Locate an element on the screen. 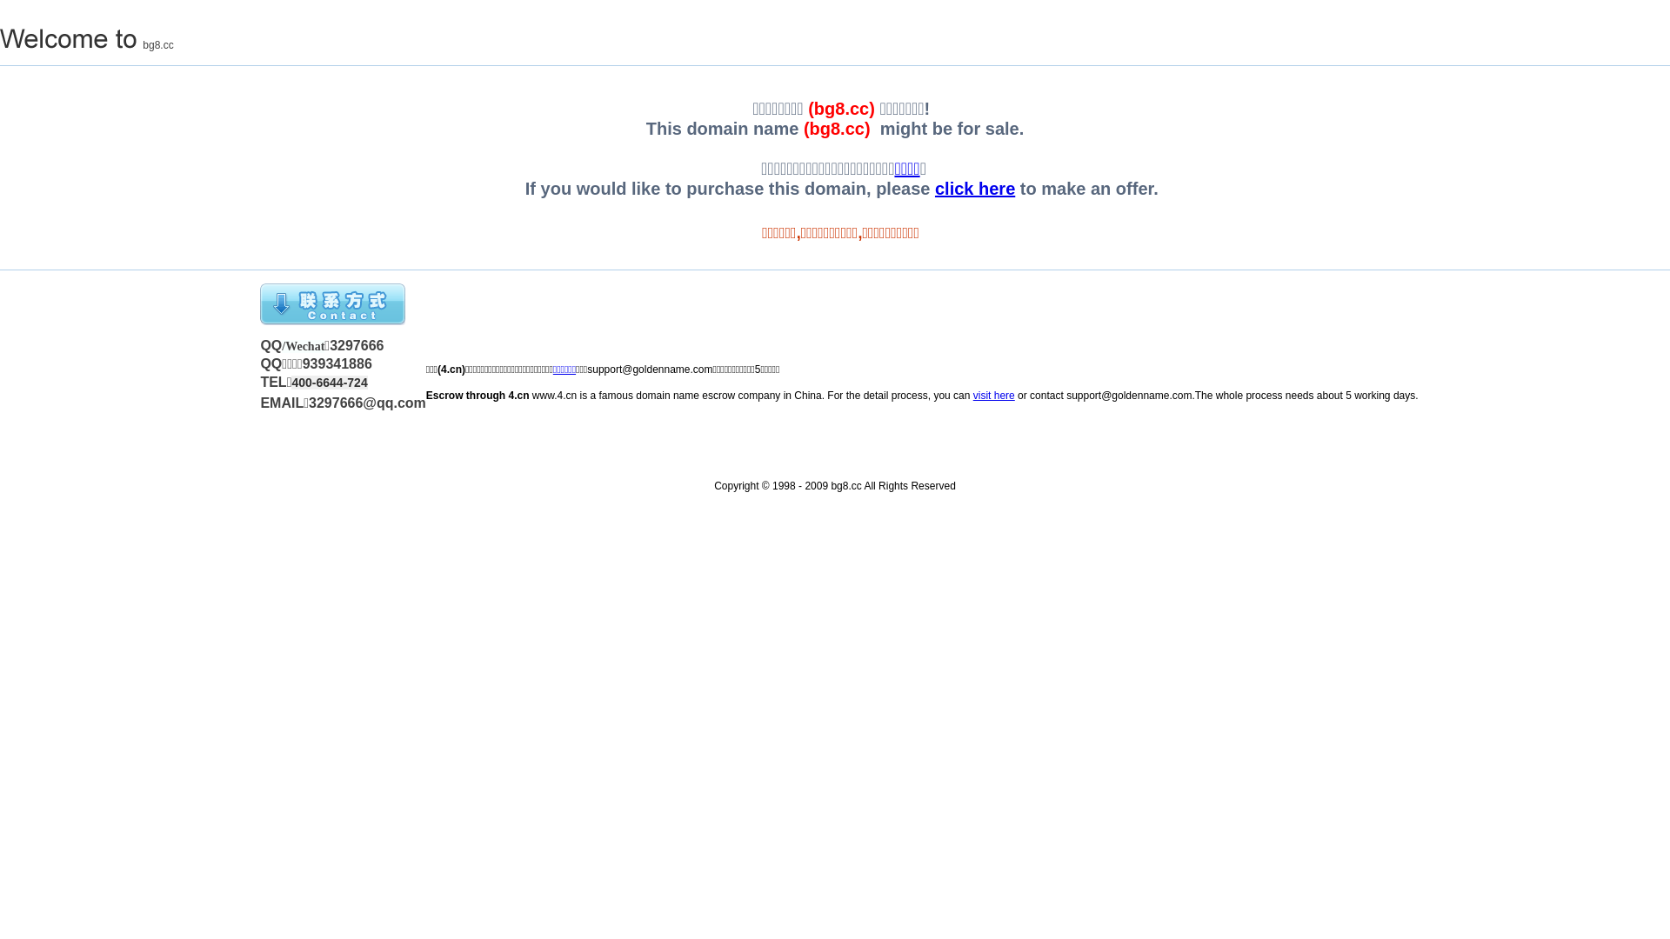 Image resolution: width=1670 pixels, height=939 pixels. 'visit here' is located at coordinates (972, 396).